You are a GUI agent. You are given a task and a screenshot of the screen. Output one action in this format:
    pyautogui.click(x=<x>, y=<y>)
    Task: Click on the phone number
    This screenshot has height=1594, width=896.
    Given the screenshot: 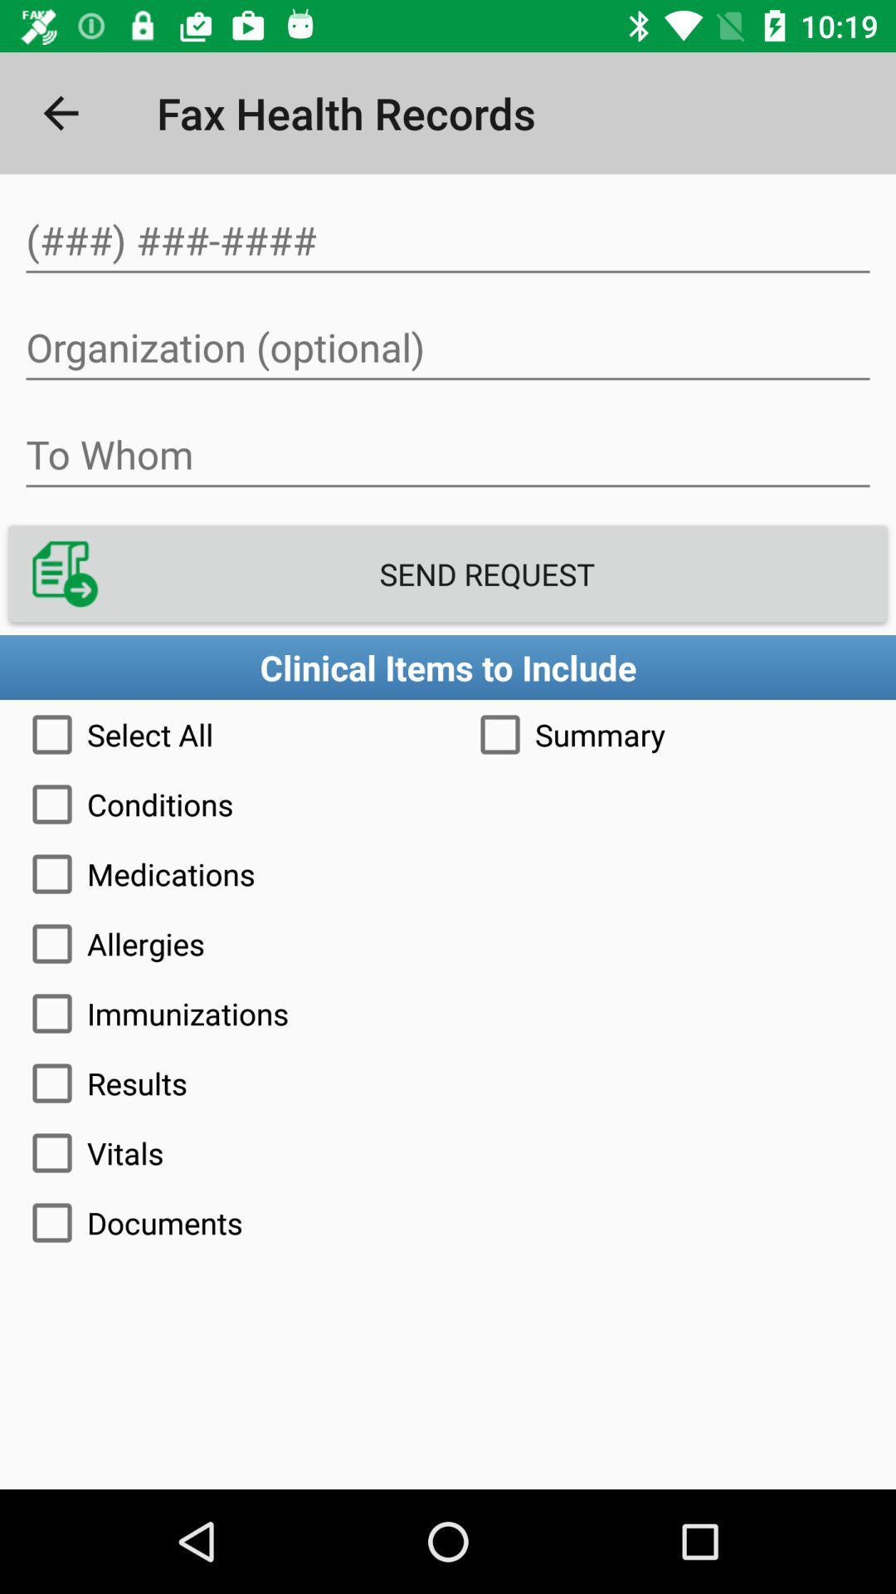 What is the action you would take?
    pyautogui.click(x=448, y=240)
    